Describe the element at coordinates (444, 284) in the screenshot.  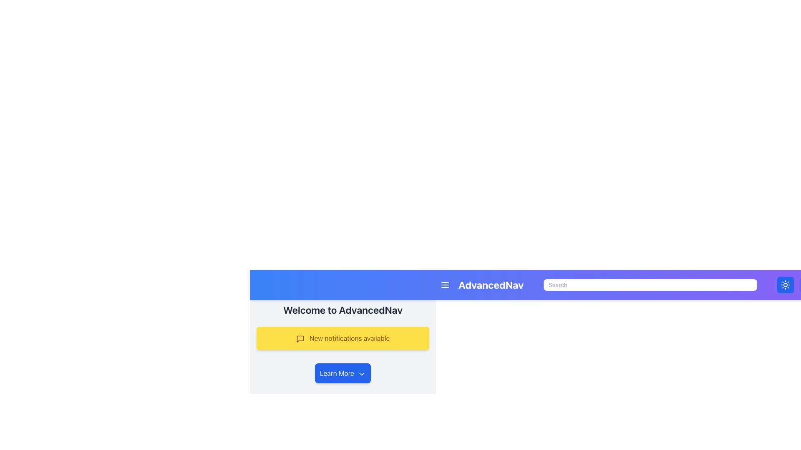
I see `the menu icon button, which consists of three horizontal lines styled in white on a blue background, located in the navigation bar at the top of the interface, to the left of the 'AdvancedNav' text` at that location.